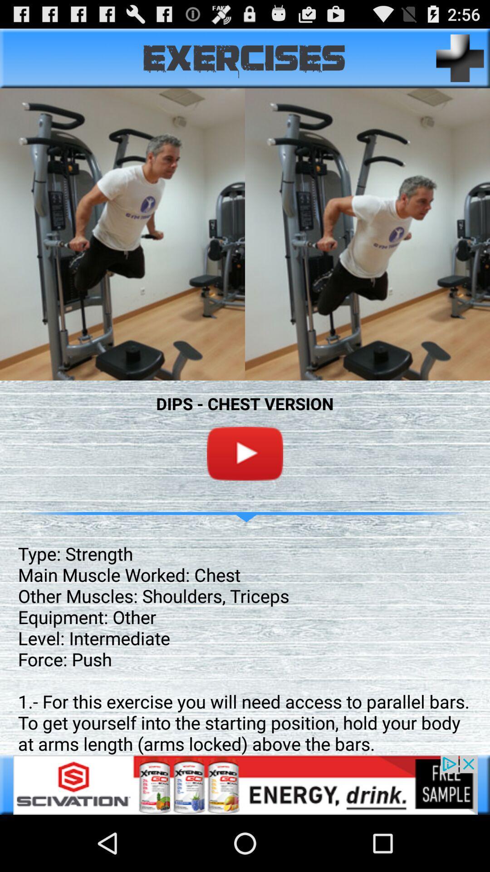 The height and width of the screenshot is (872, 490). What do you see at coordinates (460, 62) in the screenshot?
I see `the add icon` at bounding box center [460, 62].